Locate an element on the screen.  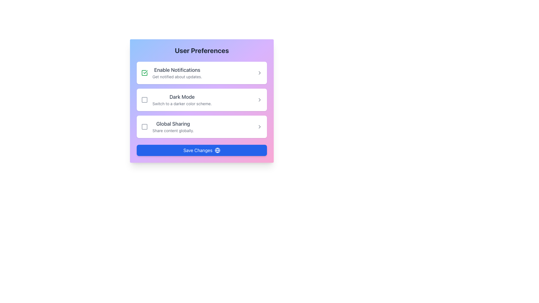
the small chevron icon located in the rightmost section of the card labeled 'Global Sharing' in the User Preferences interface is located at coordinates (259, 127).